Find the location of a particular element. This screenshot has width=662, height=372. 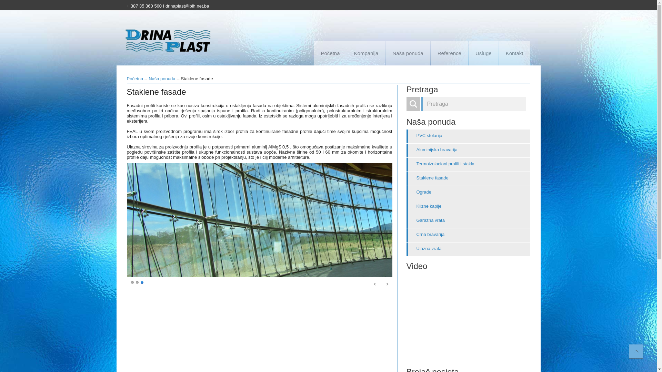

'2' is located at coordinates (136, 282).